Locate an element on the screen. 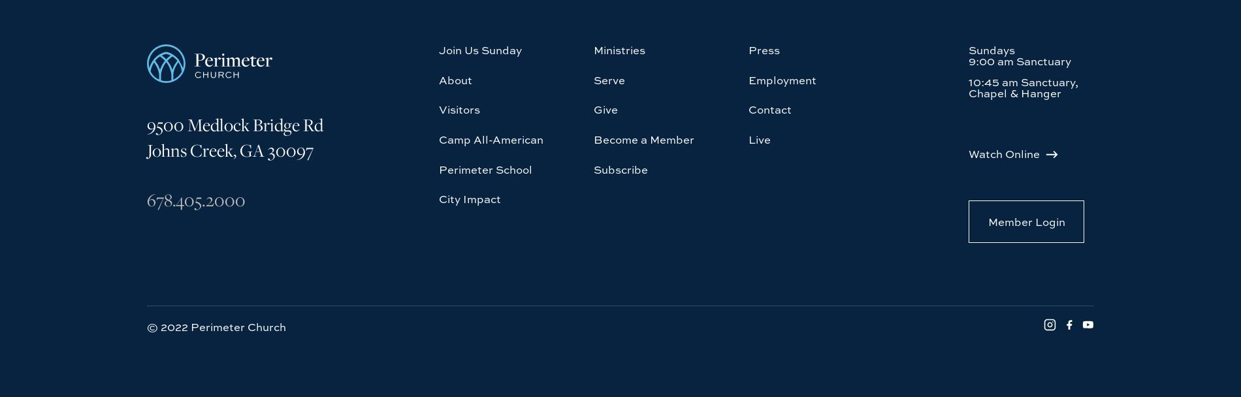  'Camp All-American' is located at coordinates (439, 19).